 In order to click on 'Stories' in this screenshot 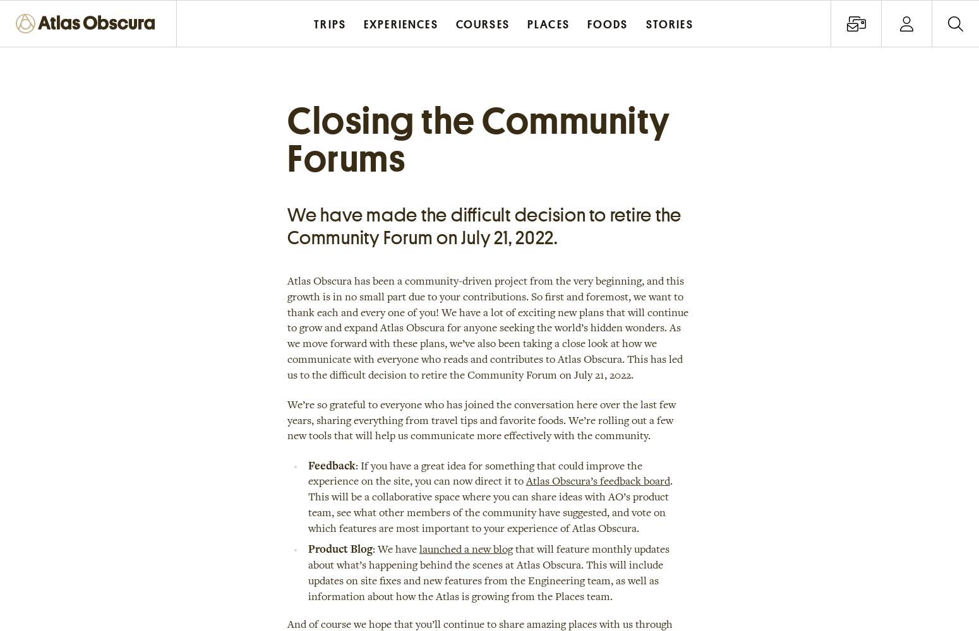, I will do `click(669, 24)`.